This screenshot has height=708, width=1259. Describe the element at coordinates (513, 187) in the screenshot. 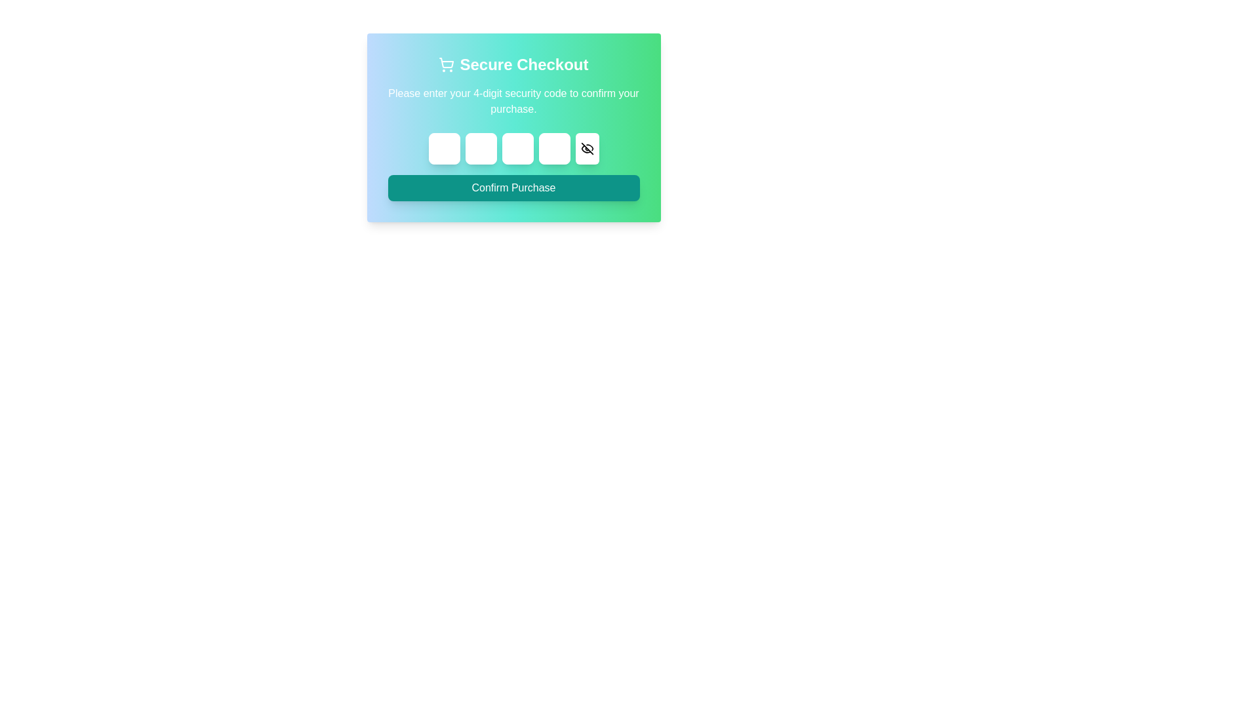

I see `the 'Confirm Purchase' button with a teal background and rounded corners located at the bottom of the gradient modal to proceed` at that location.